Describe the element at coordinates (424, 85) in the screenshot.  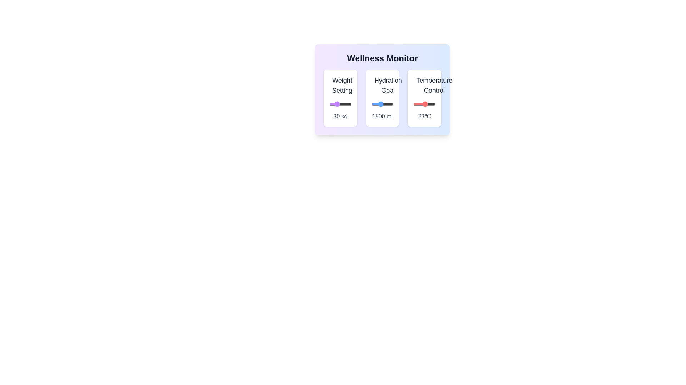
I see `the 'Temperature Control' text label, which is a medium-sized dark gray label located at the top of its section, surrounded by a white background and rounded corners` at that location.